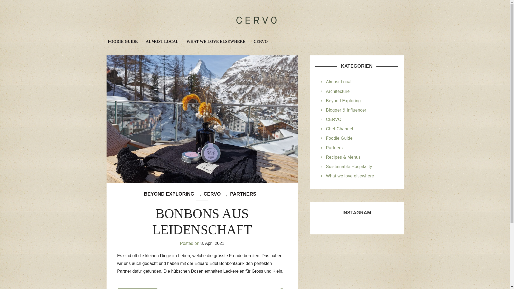  I want to click on 'Suistainable Hospitality', so click(349, 166).